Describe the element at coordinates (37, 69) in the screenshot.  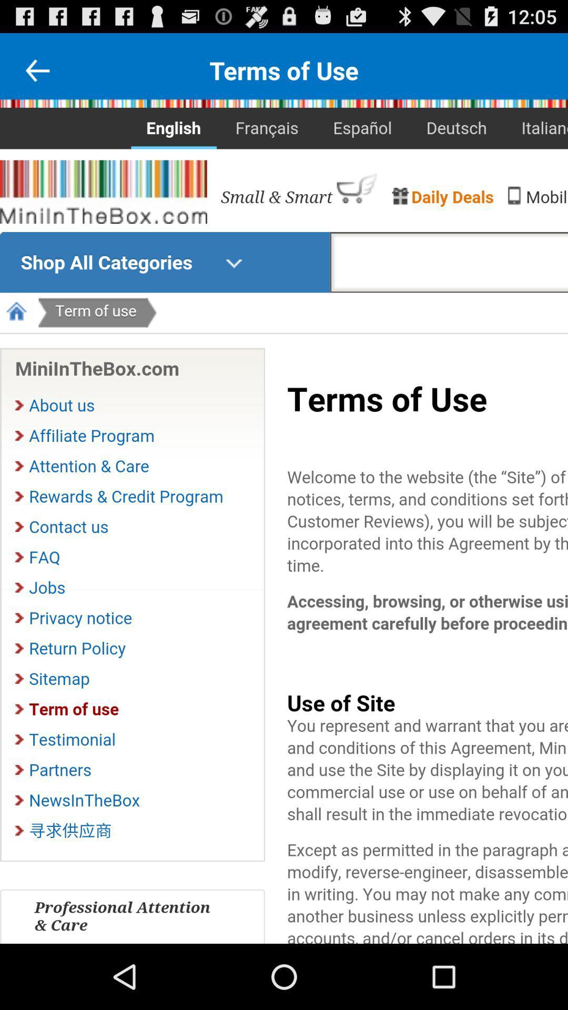
I see `go back` at that location.